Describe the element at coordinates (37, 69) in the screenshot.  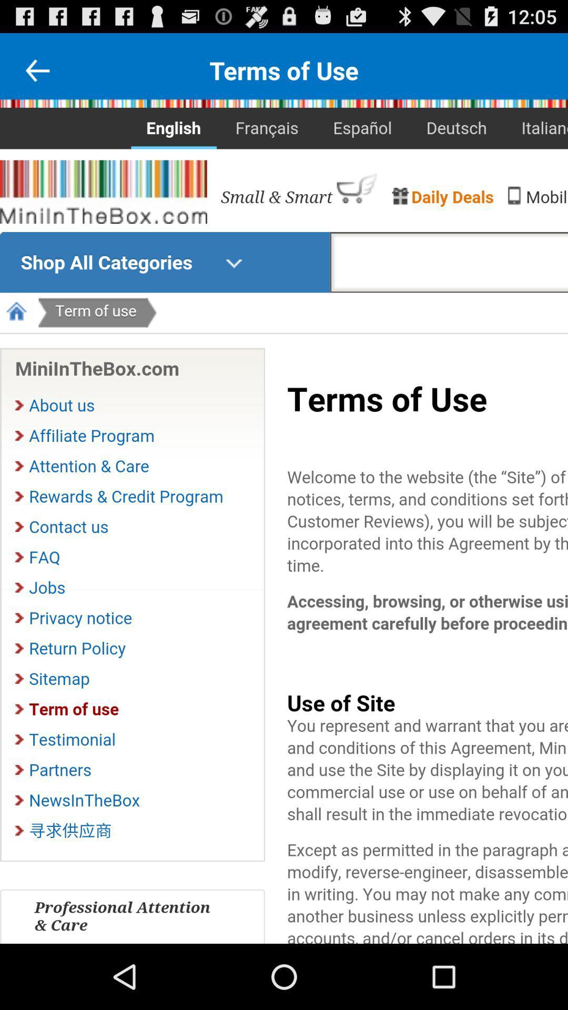
I see `go back` at that location.